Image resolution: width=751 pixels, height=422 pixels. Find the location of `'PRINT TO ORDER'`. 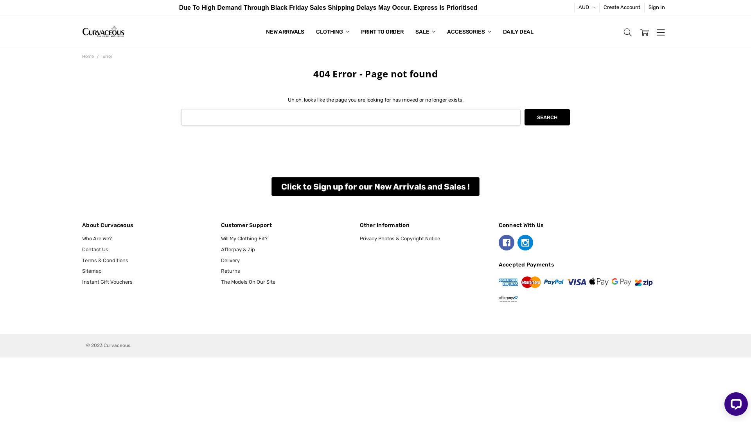

'PRINT TO ORDER' is located at coordinates (382, 32).